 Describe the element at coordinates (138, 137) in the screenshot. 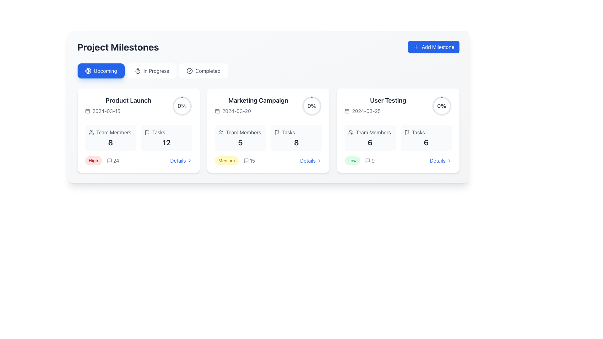

I see `details of the 'Tasks' section within the Grid Layout that summarizes numerical data about team members and tasks associated with the 'Product Launch' card` at that location.